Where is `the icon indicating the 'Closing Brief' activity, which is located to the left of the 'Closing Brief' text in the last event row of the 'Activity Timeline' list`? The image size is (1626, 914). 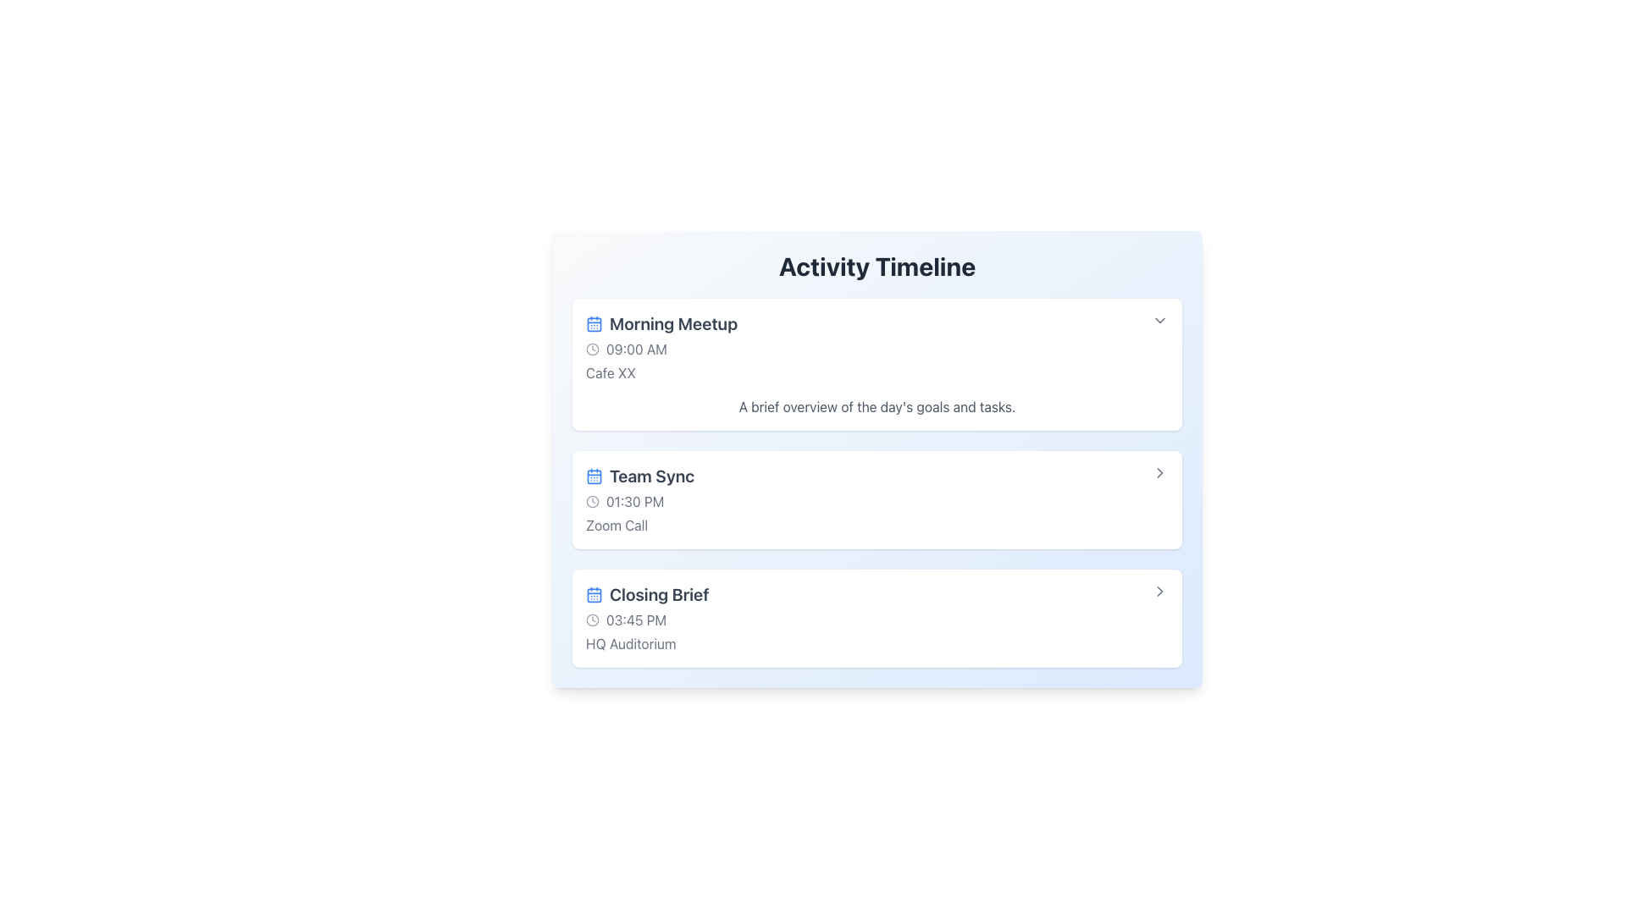 the icon indicating the 'Closing Brief' activity, which is located to the left of the 'Closing Brief' text in the last event row of the 'Activity Timeline' list is located at coordinates (594, 593).